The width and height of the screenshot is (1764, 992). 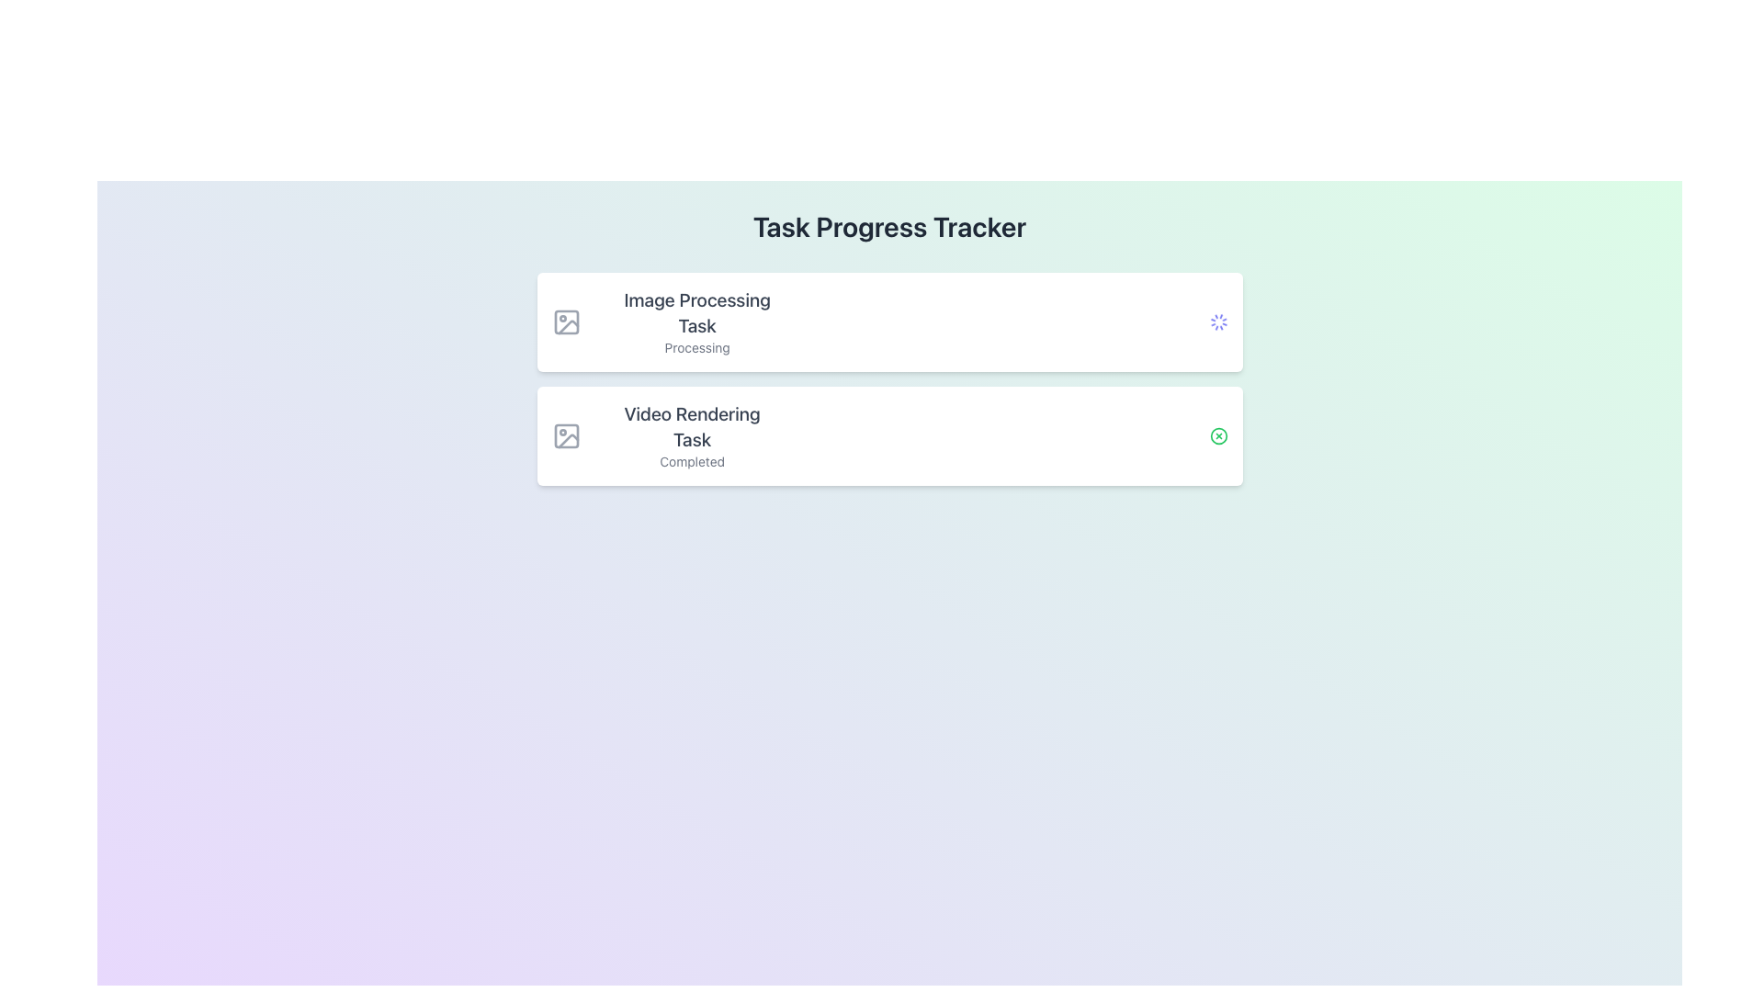 I want to click on text information from the list item displaying the title and status of a task related to image processing, located in the top card of the 'Task Progress Tracker' section, so click(x=696, y=321).